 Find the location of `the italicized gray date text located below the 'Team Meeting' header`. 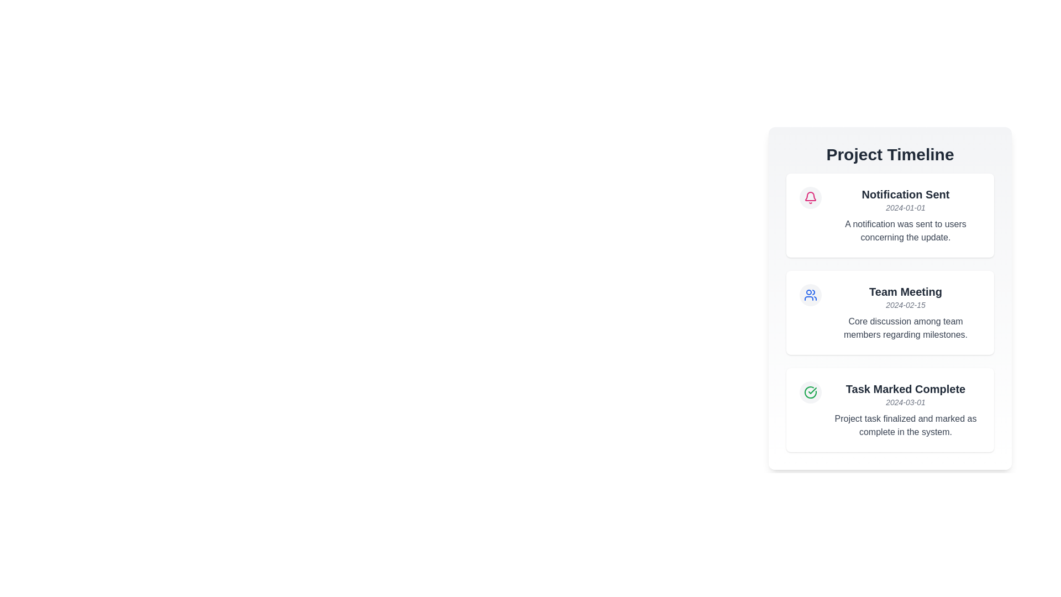

the italicized gray date text located below the 'Team Meeting' header is located at coordinates (905, 305).